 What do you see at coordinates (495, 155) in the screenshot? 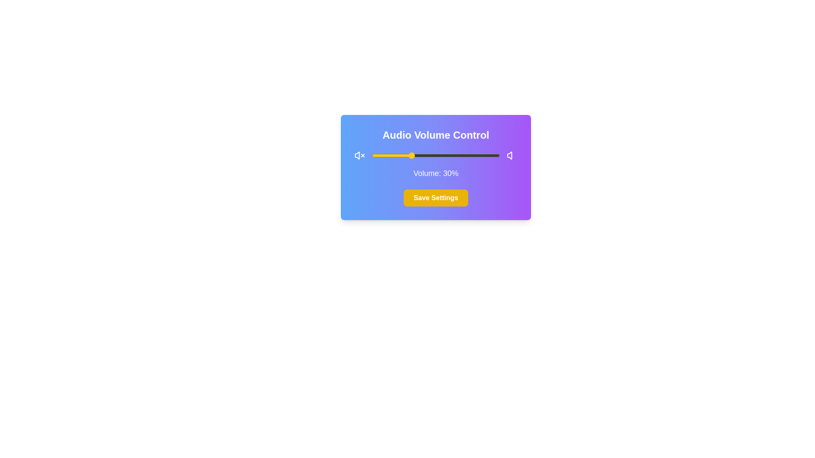
I see `the volume slider to 96 percent` at bounding box center [495, 155].